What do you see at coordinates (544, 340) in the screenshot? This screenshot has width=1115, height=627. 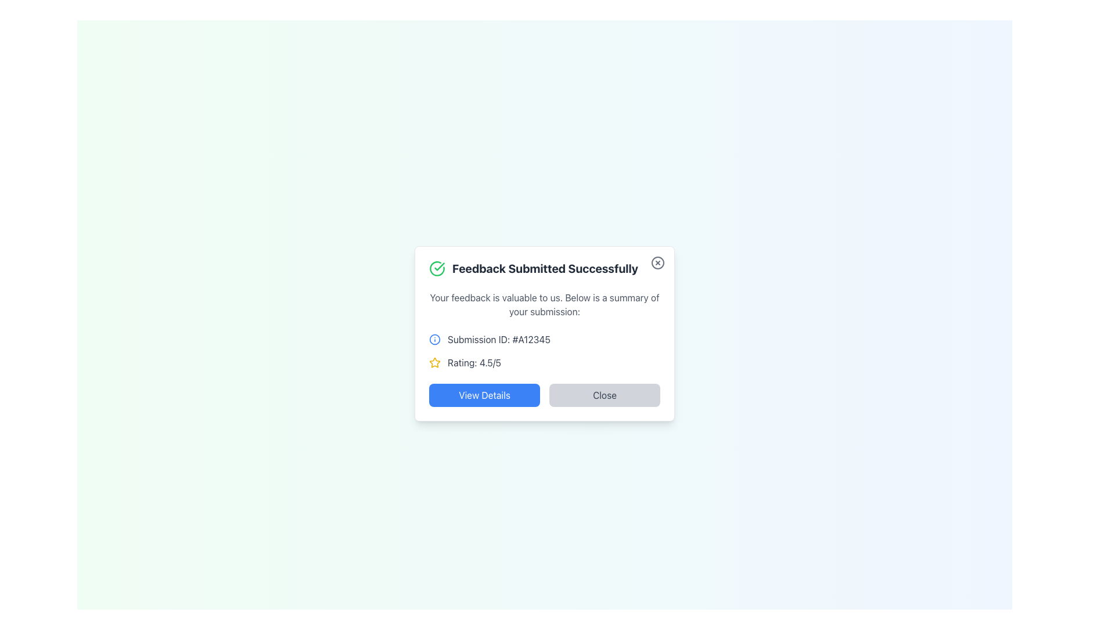 I see `the Label with Icon that displays the submission ID, which is located centrally in the modal popup above the 'Rating: 4.5/5' element` at bounding box center [544, 340].